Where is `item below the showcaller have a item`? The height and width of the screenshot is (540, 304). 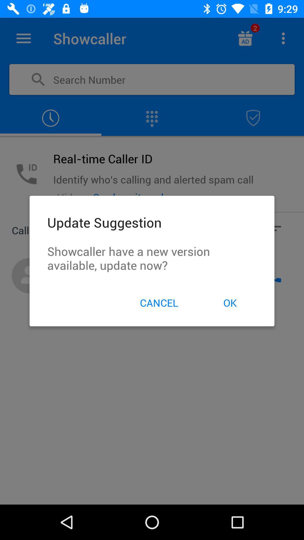
item below the showcaller have a item is located at coordinates (230, 302).